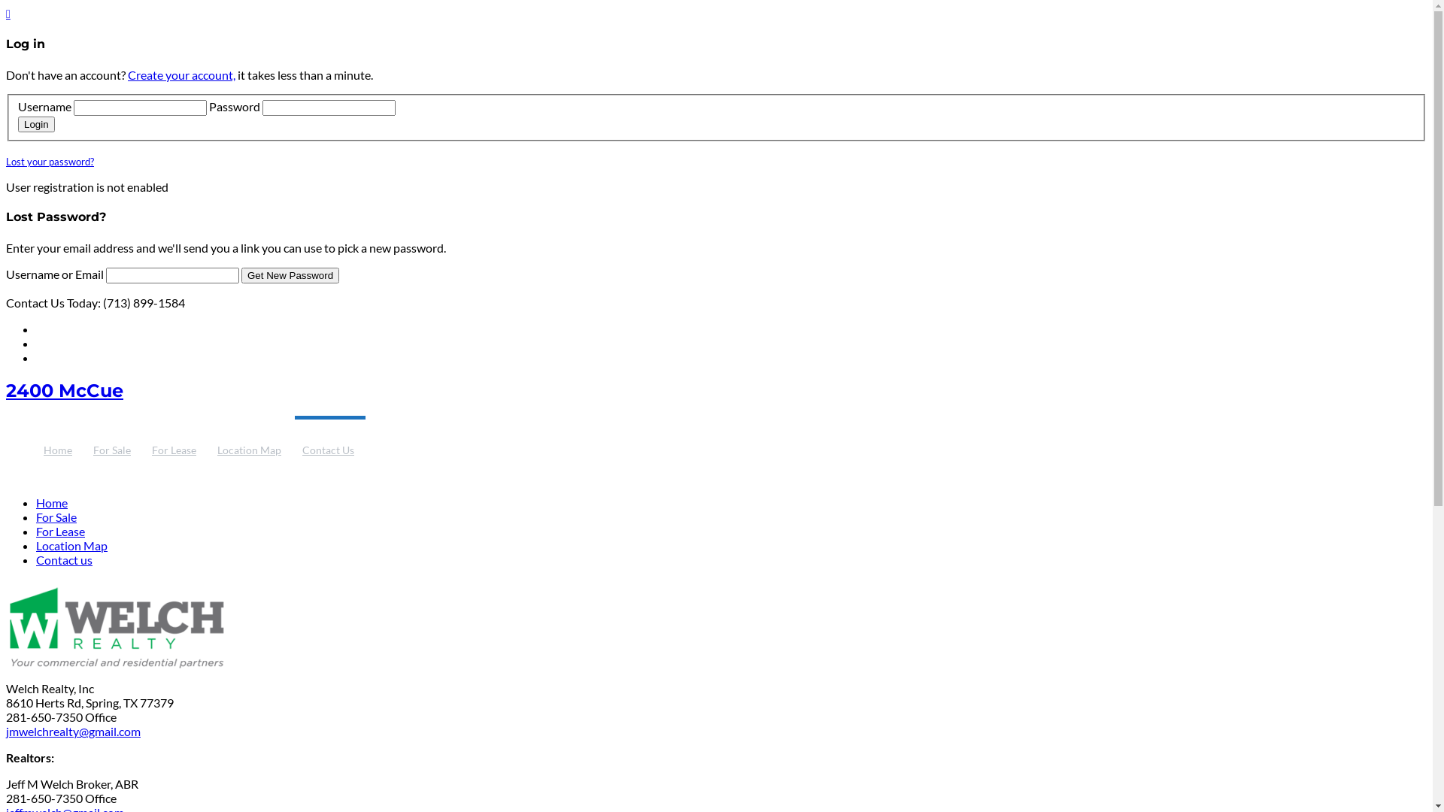 The width and height of the screenshot is (1444, 812). Describe the element at coordinates (113, 441) in the screenshot. I see `'For Sale'` at that location.